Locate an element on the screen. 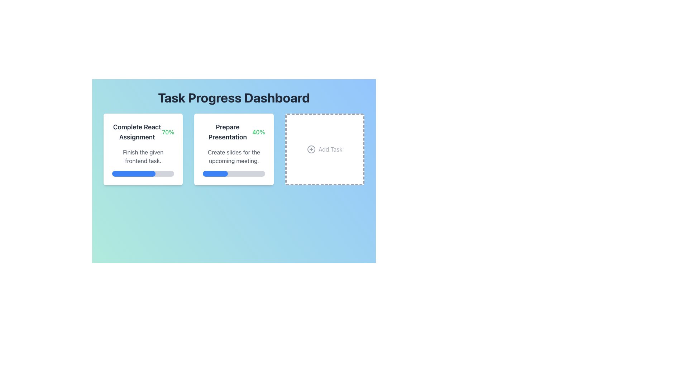 This screenshot has height=387, width=688. the static text element that reads 'Create slides for the upcoming meeting.' located within the 'Prepare Presentation' card is located at coordinates (234, 156).